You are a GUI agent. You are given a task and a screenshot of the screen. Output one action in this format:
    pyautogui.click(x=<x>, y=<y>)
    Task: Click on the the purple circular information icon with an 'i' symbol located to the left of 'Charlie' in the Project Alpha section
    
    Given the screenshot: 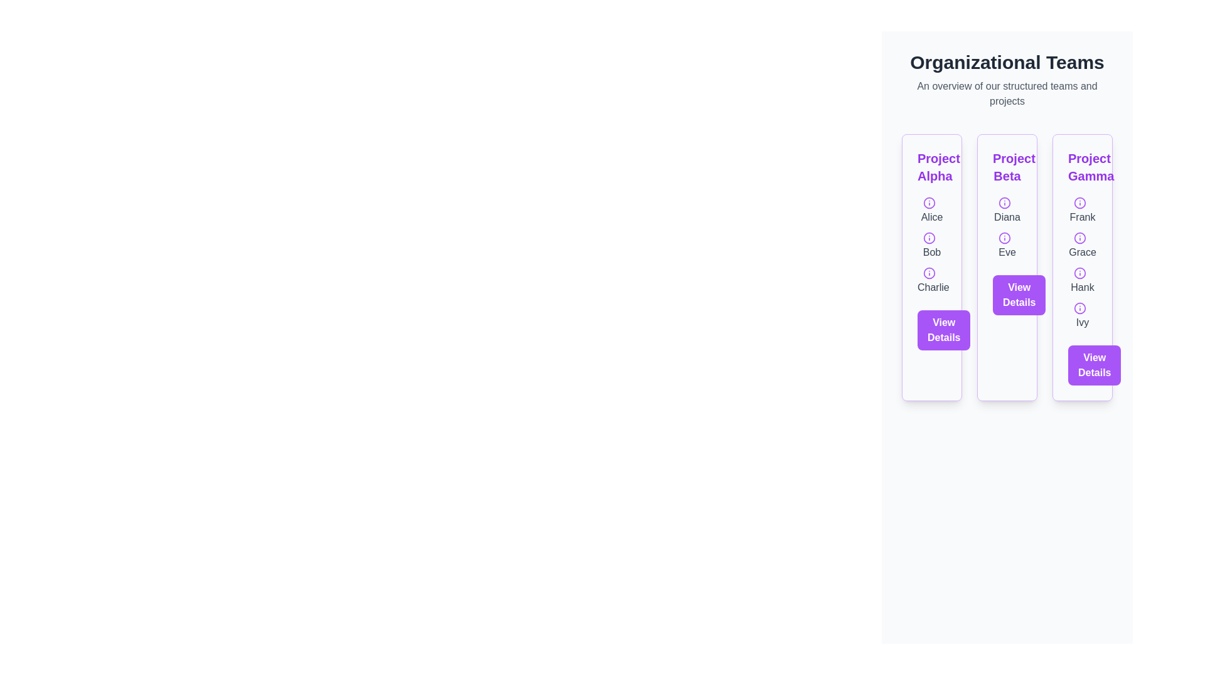 What is the action you would take?
    pyautogui.click(x=929, y=272)
    